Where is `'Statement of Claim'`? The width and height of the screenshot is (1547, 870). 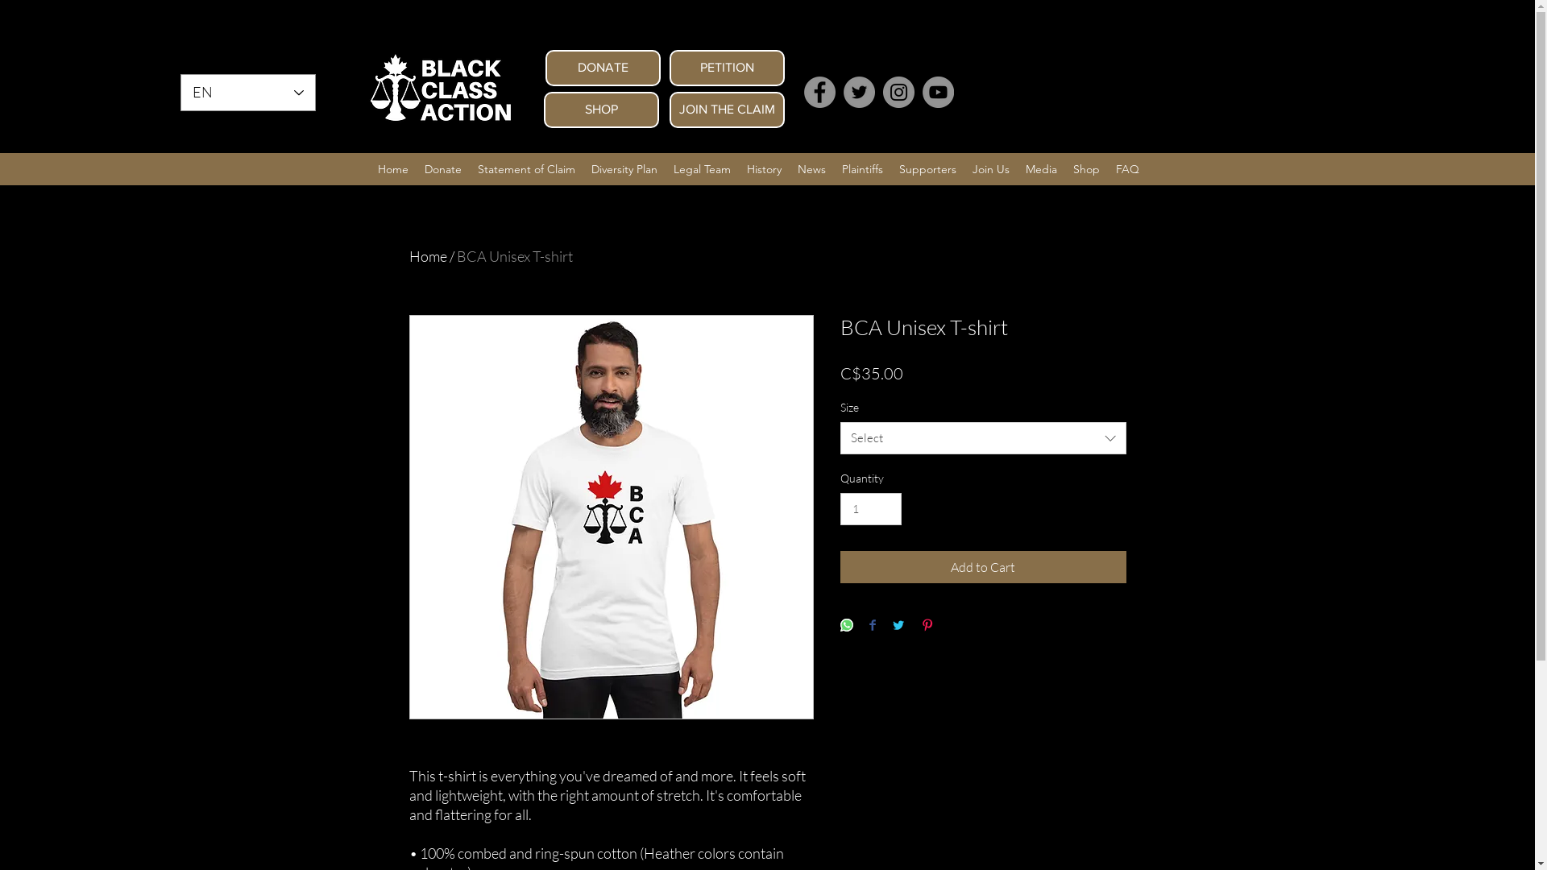 'Statement of Claim' is located at coordinates (525, 168).